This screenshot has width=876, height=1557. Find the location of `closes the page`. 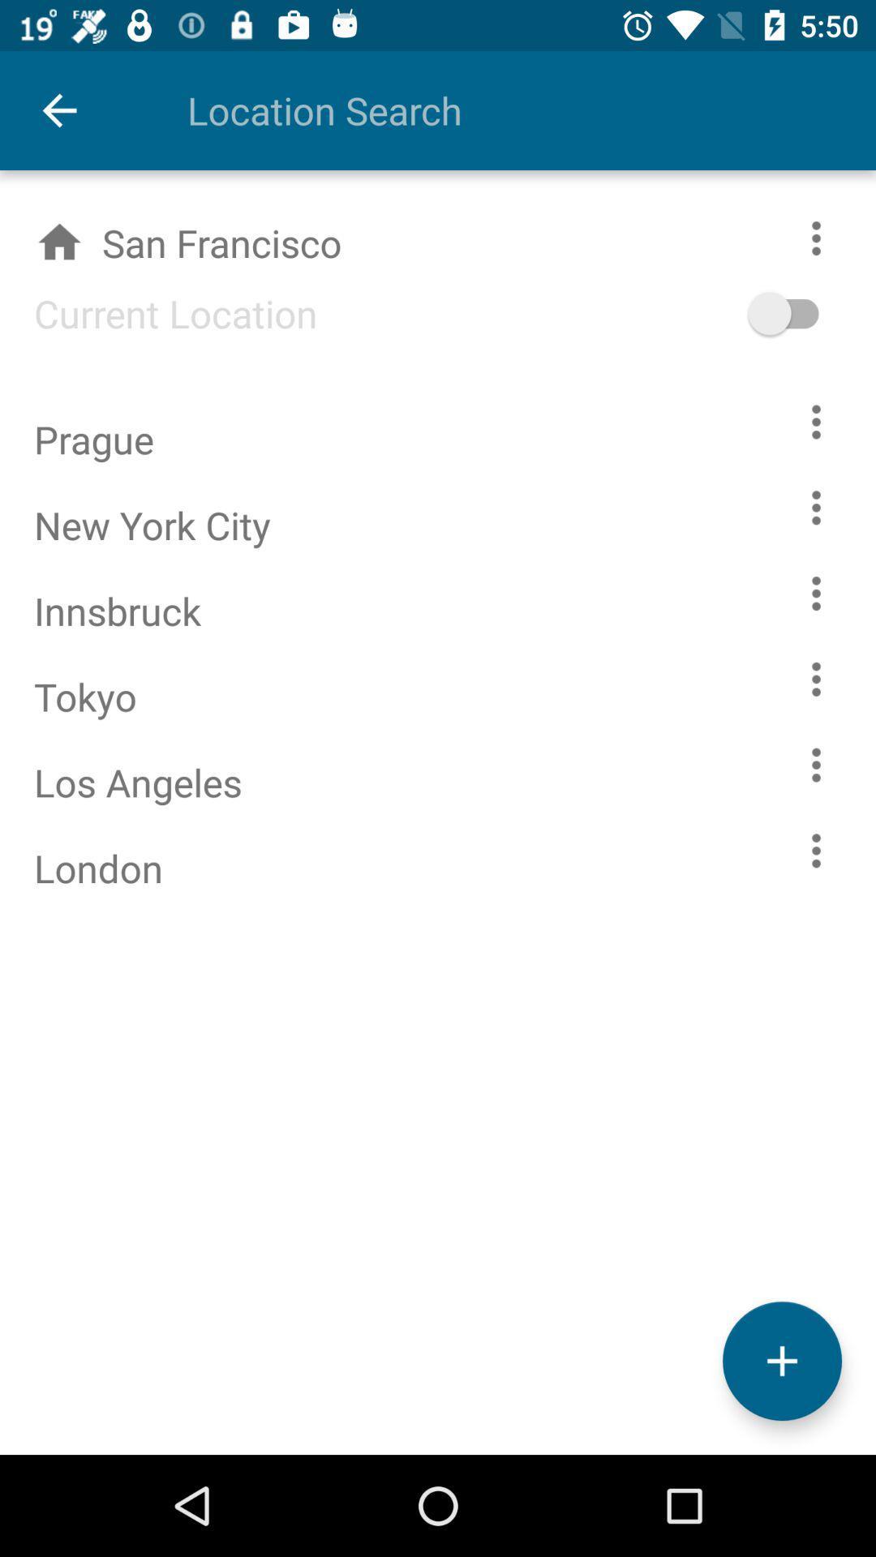

closes the page is located at coordinates (781, 1361).